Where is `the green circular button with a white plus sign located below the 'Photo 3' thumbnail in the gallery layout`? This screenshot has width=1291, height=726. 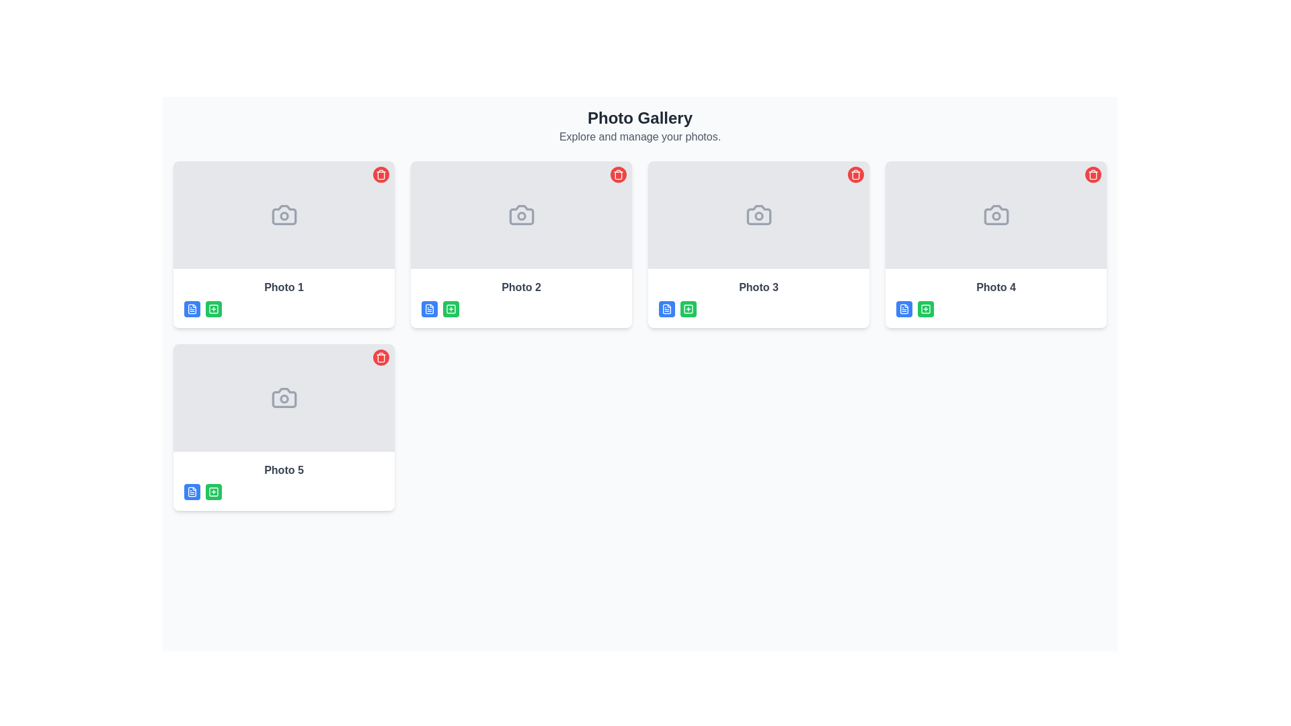 the green circular button with a white plus sign located below the 'Photo 3' thumbnail in the gallery layout is located at coordinates (688, 309).